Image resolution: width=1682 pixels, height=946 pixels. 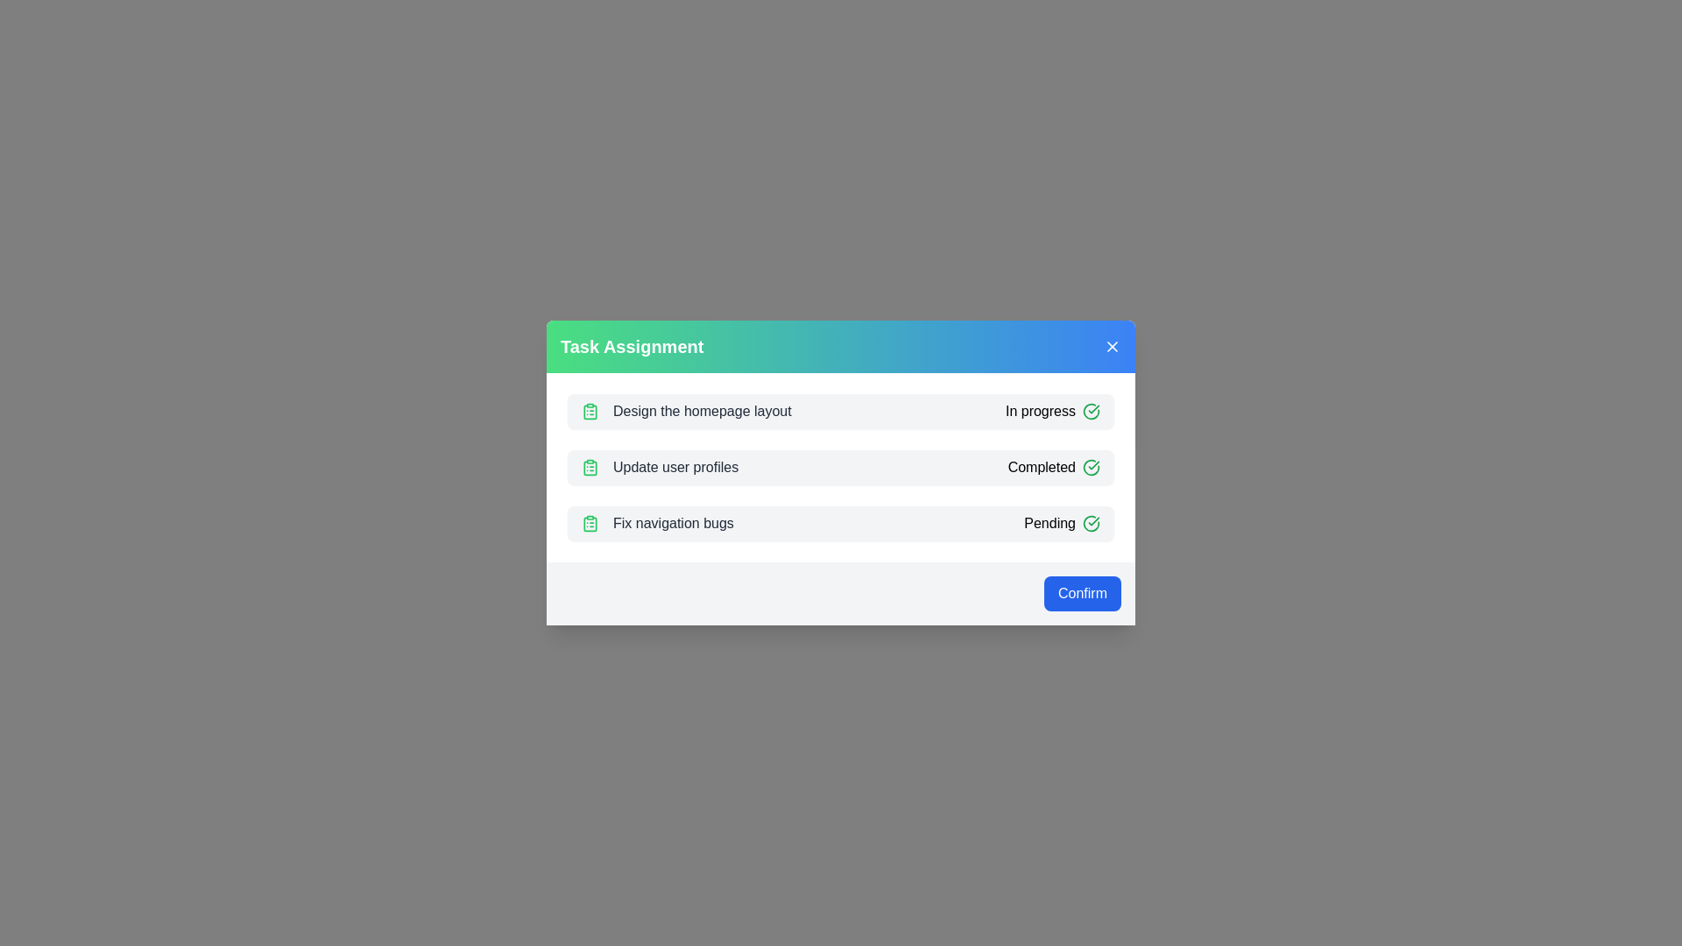 I want to click on the green clipboard icon located in the task titled 'Update user profiles' within the task assignment interface, so click(x=590, y=466).